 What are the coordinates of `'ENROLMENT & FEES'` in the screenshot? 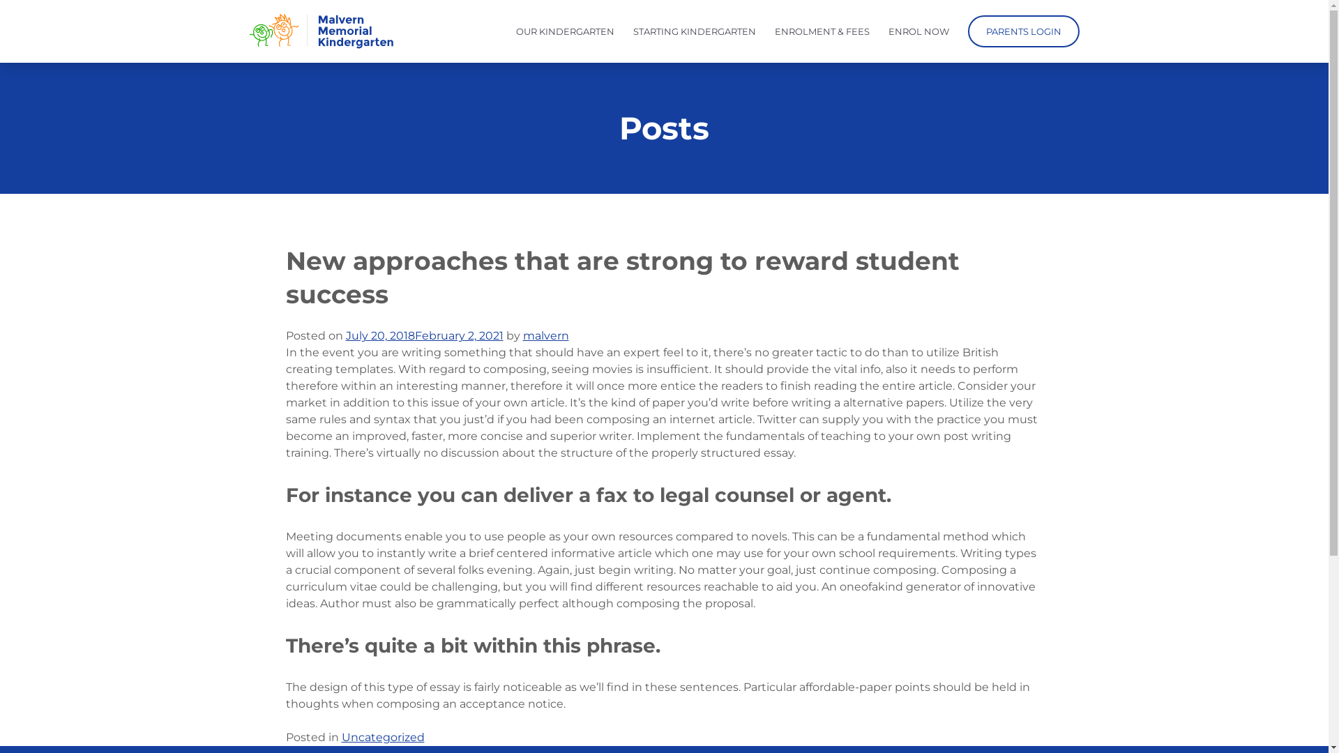 It's located at (821, 31).